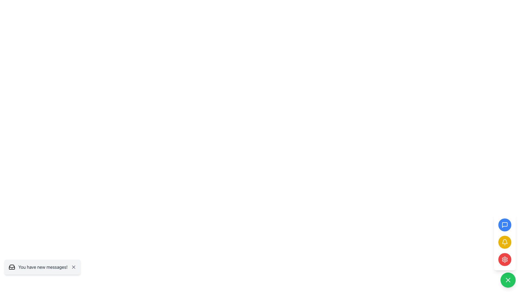  What do you see at coordinates (504, 242) in the screenshot?
I see `the notification button located below the blue speech bubble icon and above the red gear icon` at bounding box center [504, 242].